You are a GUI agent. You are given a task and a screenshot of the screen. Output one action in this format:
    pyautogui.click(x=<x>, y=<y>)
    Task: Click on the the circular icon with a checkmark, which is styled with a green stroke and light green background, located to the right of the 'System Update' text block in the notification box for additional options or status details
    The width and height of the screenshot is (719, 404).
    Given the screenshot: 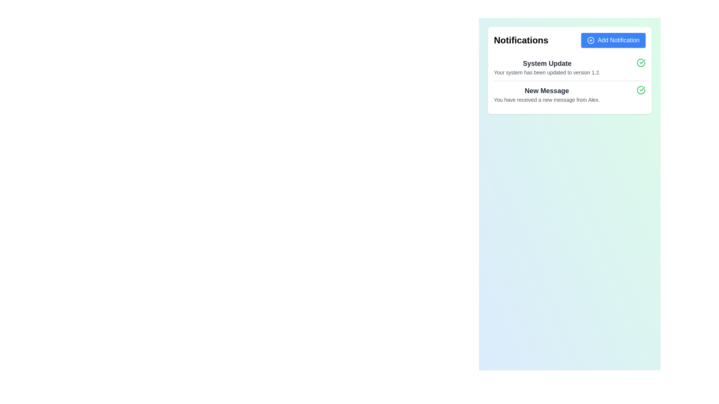 What is the action you would take?
    pyautogui.click(x=641, y=62)
    